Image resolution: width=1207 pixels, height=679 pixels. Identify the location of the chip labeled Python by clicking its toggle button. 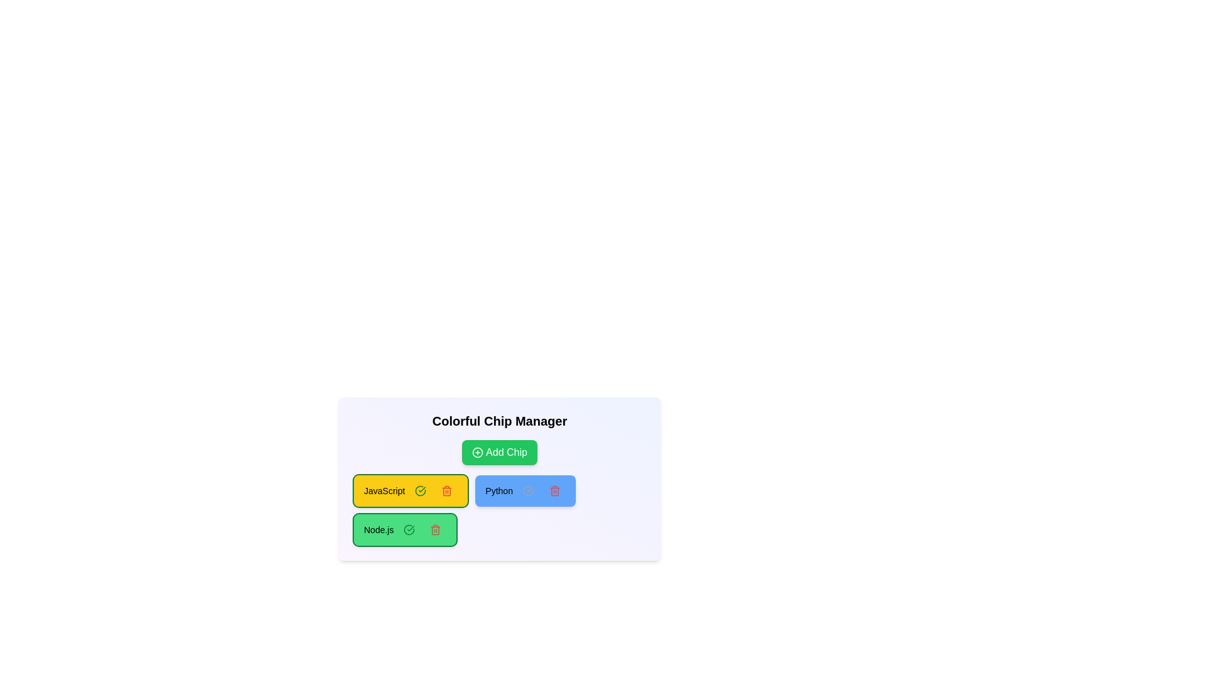
(528, 490).